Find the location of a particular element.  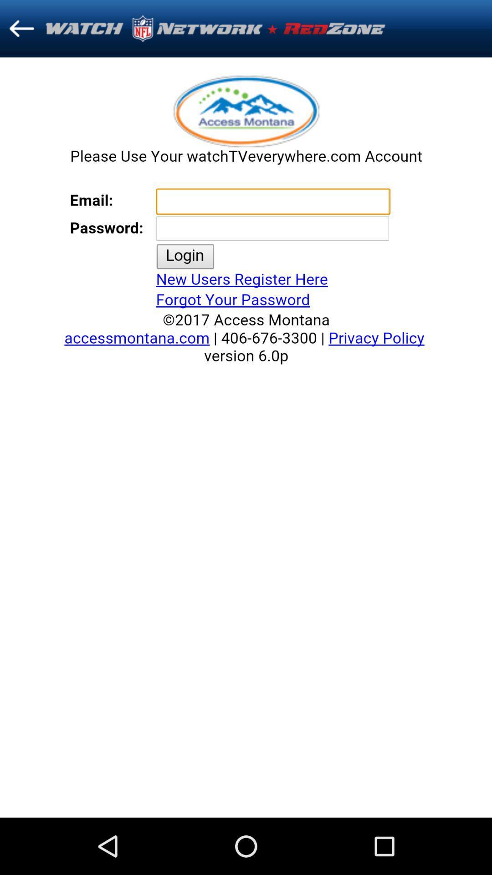

credentials is located at coordinates (246, 437).